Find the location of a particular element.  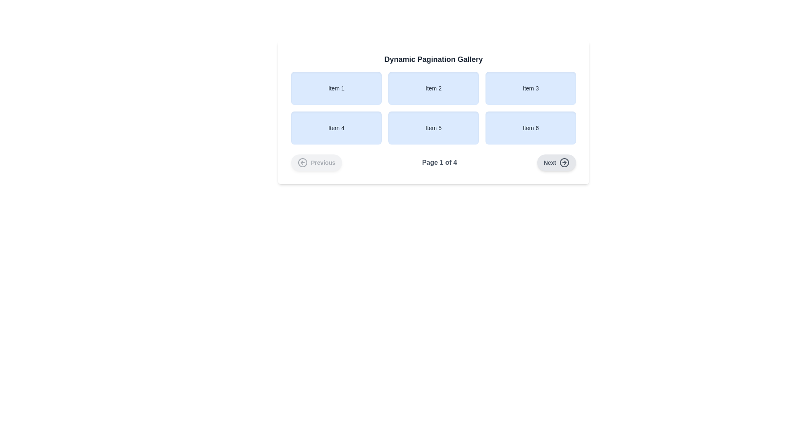

the static card displaying 'Item 5', which is located in the second row and second column of a 2x3 grid layout is located at coordinates (433, 128).